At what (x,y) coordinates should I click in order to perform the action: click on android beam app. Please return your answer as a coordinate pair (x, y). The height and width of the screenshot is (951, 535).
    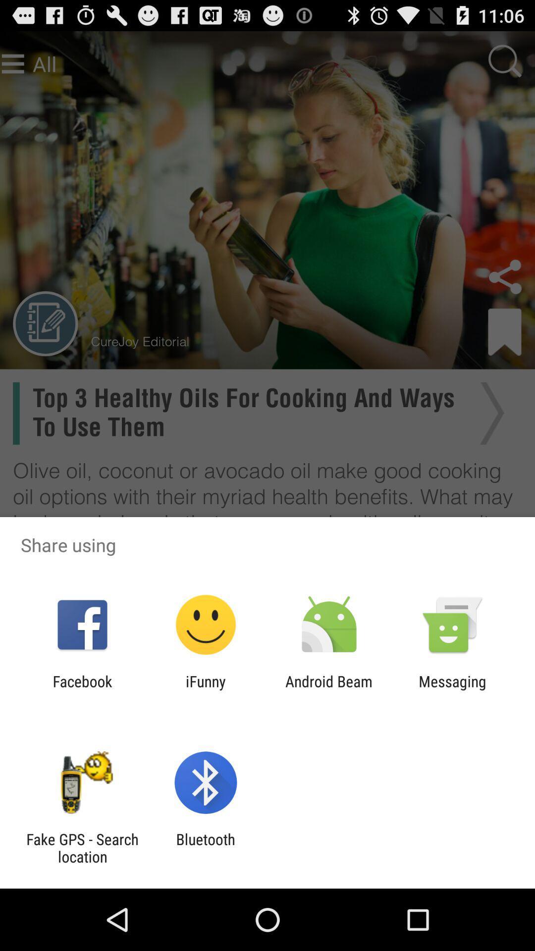
    Looking at the image, I should click on (329, 689).